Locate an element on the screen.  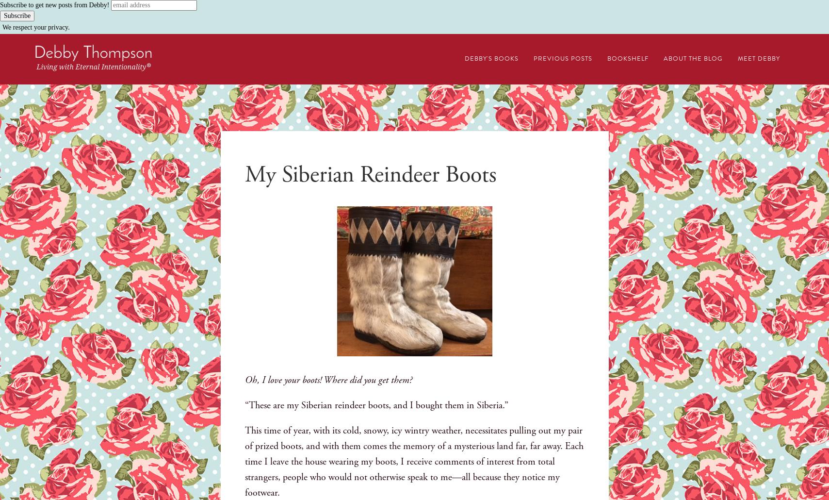
'My Siberian Reindeer Boots' is located at coordinates (370, 174).